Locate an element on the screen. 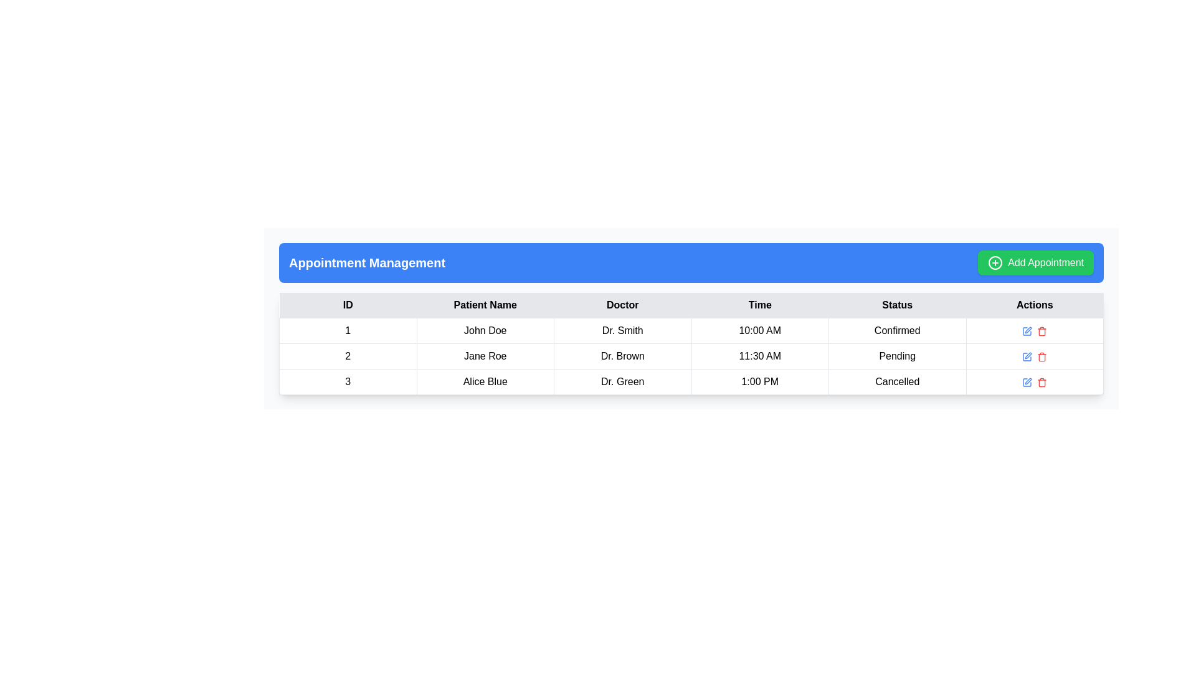 The image size is (1196, 673). the editing button located in the 'Actions' column of the first row of the table to initiate editing of the selected appointment is located at coordinates (1027, 330).